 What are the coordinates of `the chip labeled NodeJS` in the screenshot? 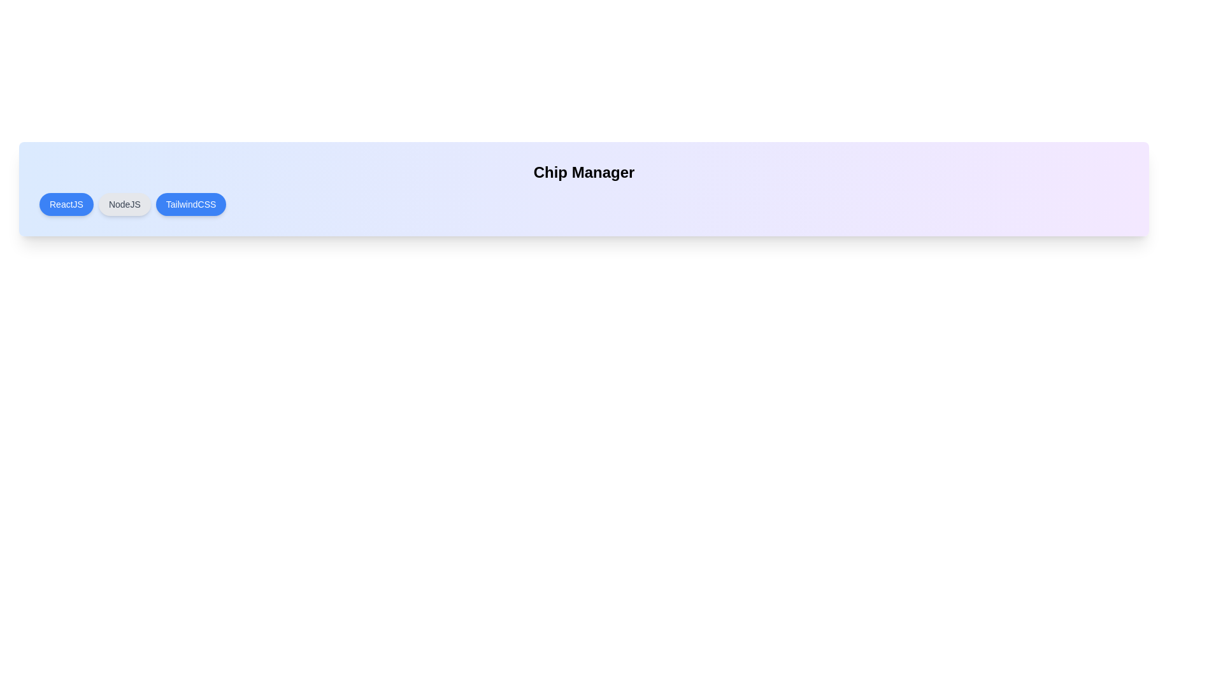 It's located at (124, 203).